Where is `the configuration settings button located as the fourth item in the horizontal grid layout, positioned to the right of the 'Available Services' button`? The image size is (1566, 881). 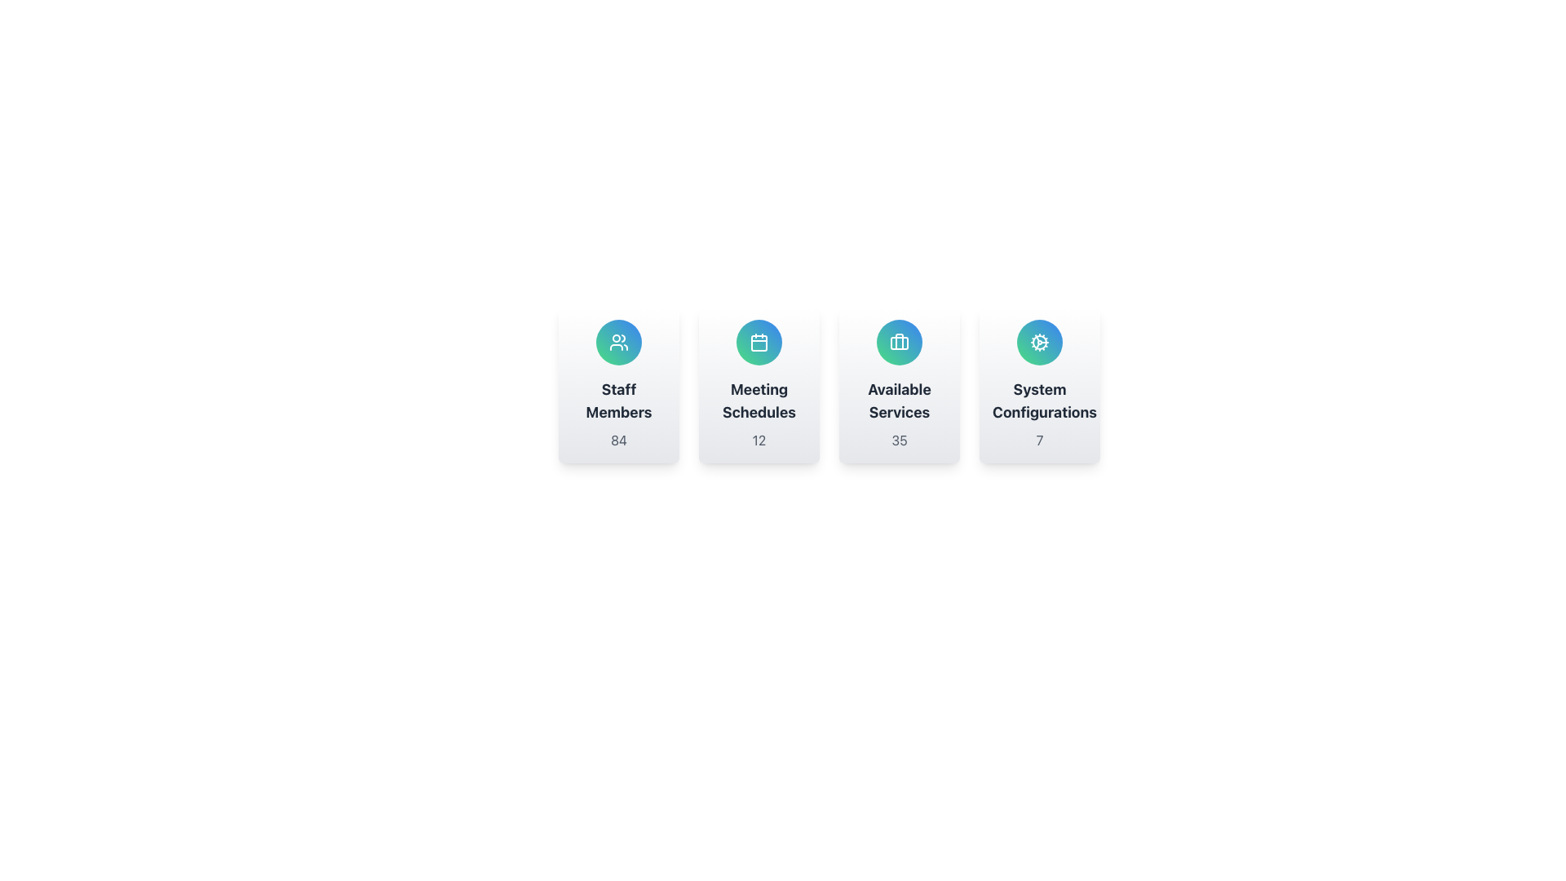
the configuration settings button located as the fourth item in the horizontal grid layout, positioned to the right of the 'Available Services' button is located at coordinates (1039, 384).